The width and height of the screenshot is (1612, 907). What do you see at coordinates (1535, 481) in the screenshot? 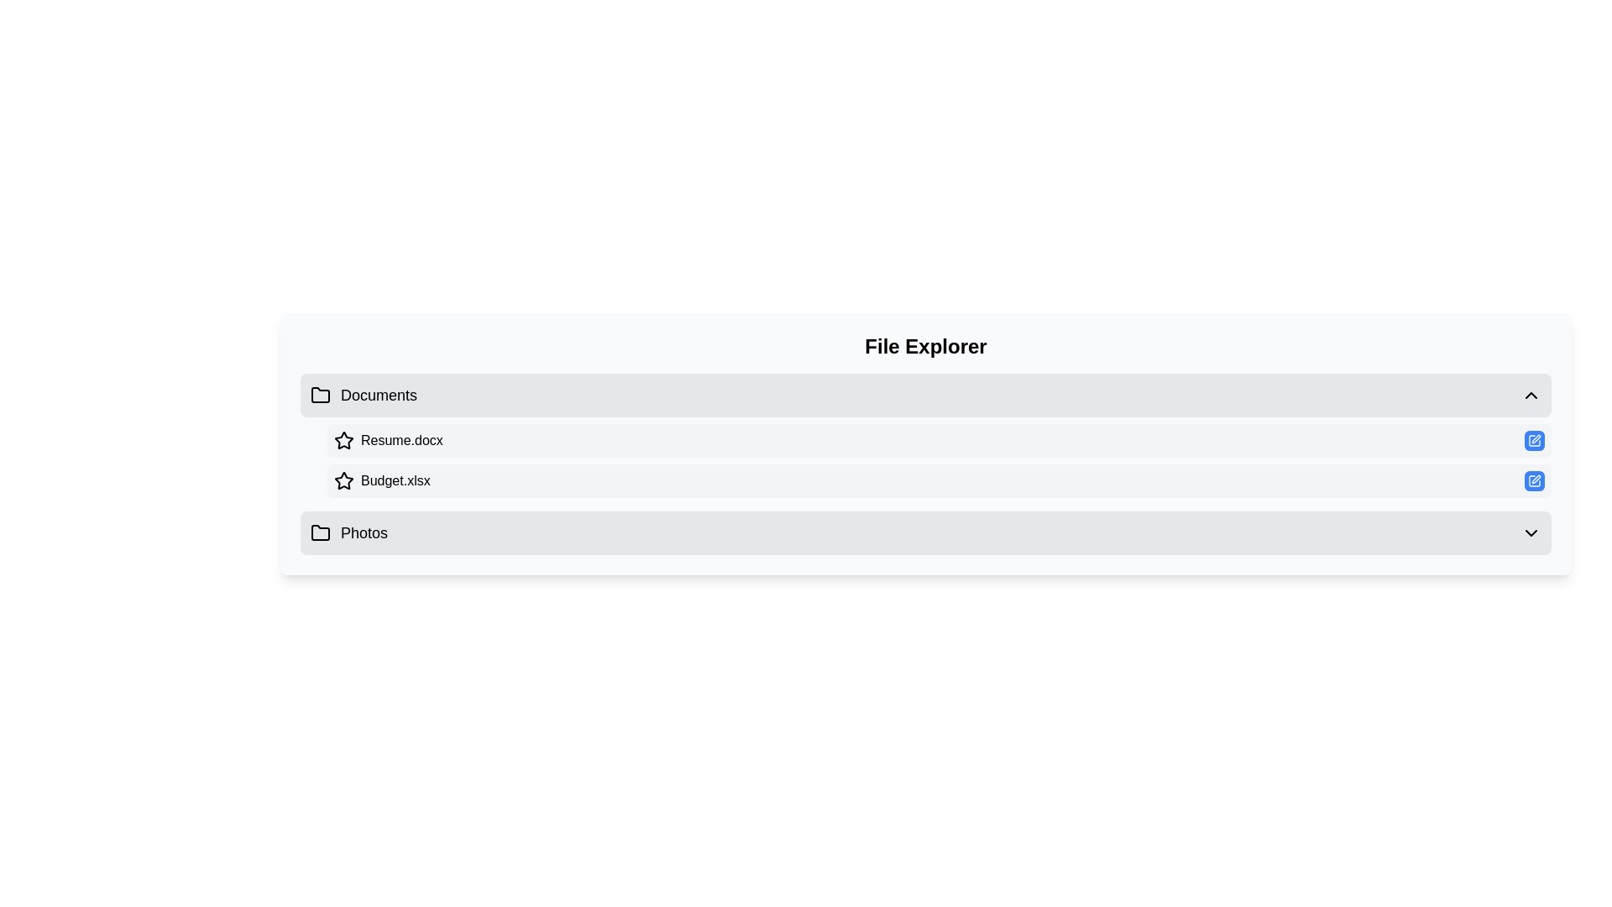
I see `the square icon button with a pen symbol inside, which has a blue background` at bounding box center [1535, 481].